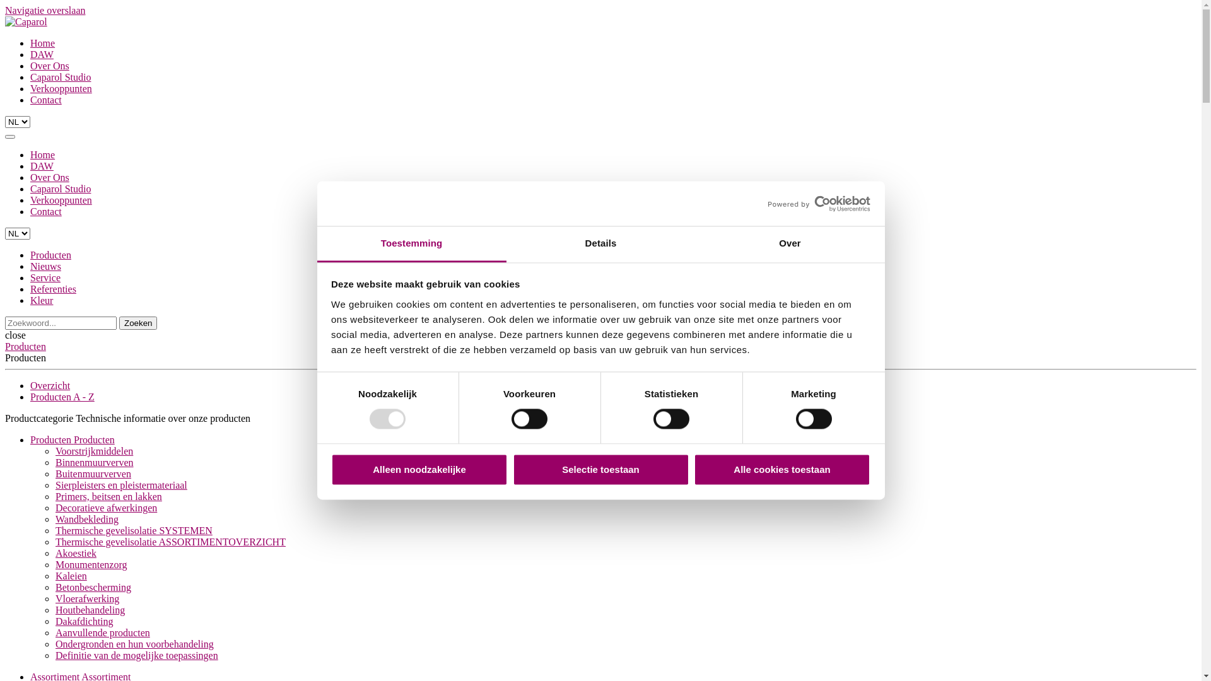  Describe the element at coordinates (30, 211) in the screenshot. I see `'Contact'` at that location.